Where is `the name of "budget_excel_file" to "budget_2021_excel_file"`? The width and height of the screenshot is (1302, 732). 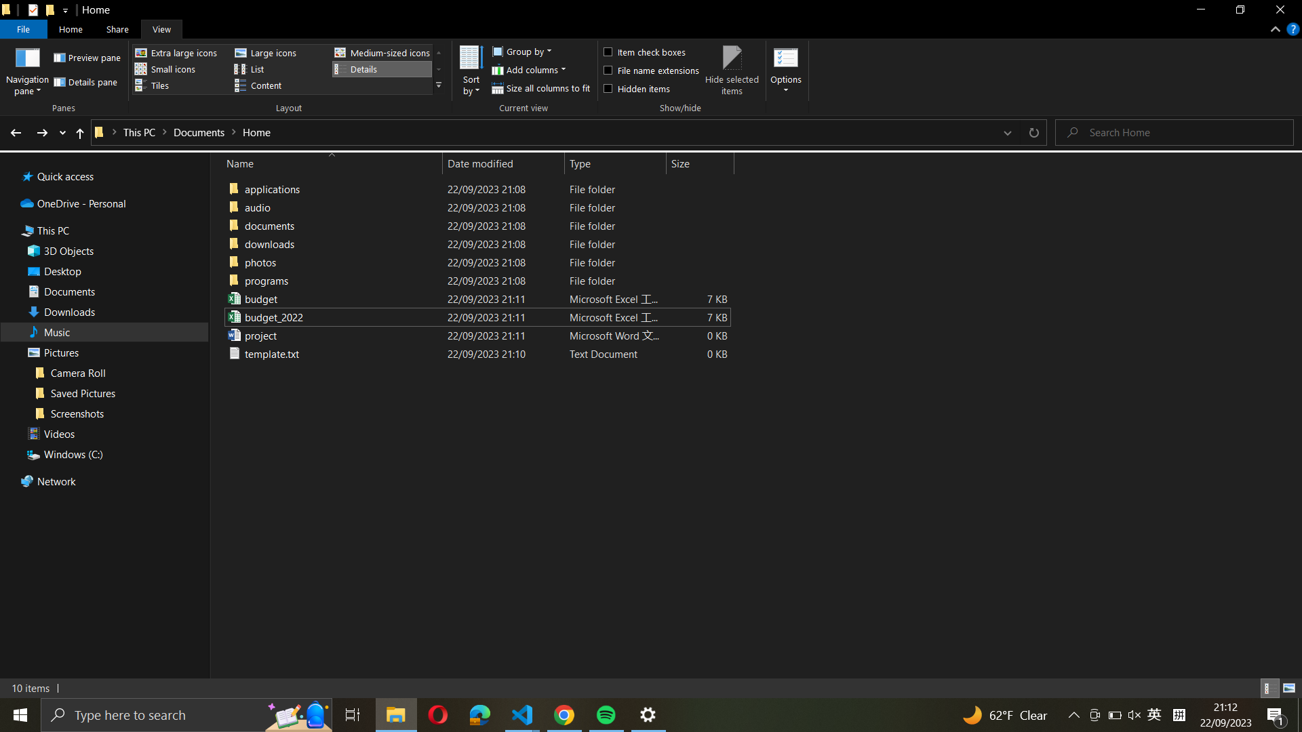
the name of "budget_excel_file" to "budget_2021_excel_file" is located at coordinates (475, 298).